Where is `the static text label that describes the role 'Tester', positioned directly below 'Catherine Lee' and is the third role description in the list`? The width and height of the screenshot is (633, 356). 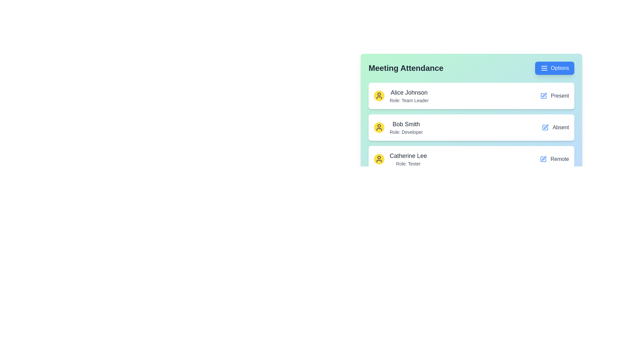
the static text label that describes the role 'Tester', positioned directly below 'Catherine Lee' and is the third role description in the list is located at coordinates (408, 163).